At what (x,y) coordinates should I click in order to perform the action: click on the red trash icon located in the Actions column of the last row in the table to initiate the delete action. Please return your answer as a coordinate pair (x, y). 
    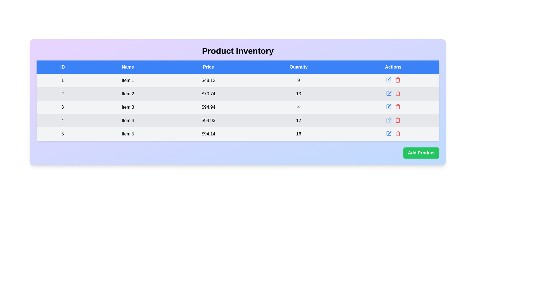
    Looking at the image, I should click on (397, 133).